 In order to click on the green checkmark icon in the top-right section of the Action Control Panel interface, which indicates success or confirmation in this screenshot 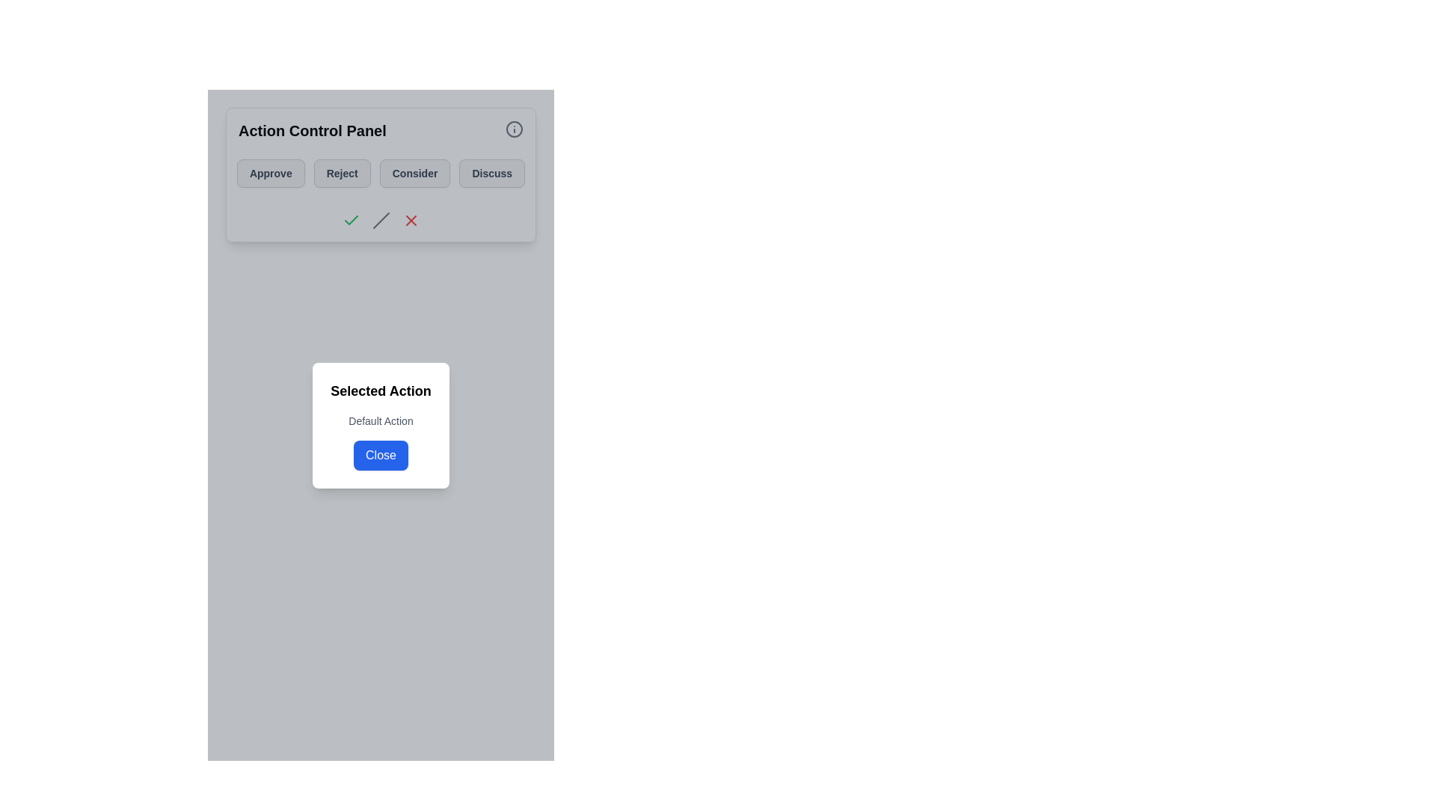, I will do `click(350, 220)`.